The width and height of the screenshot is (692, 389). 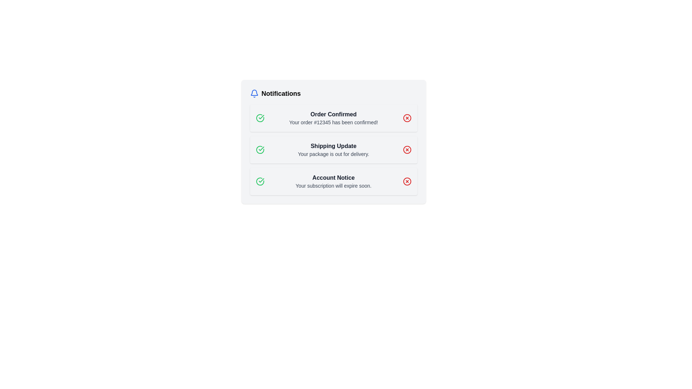 What do you see at coordinates (261, 180) in the screenshot?
I see `the success icon located on the far left side of the notification row in the Notifications panel, adjacent to the text 'Order Confirmed'` at bounding box center [261, 180].